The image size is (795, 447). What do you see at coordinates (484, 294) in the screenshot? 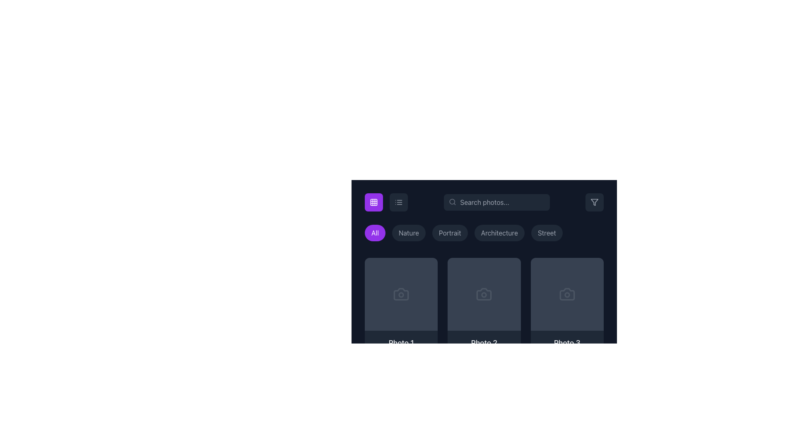
I see `the download button located in the second cell of the second row in the grid layout` at bounding box center [484, 294].